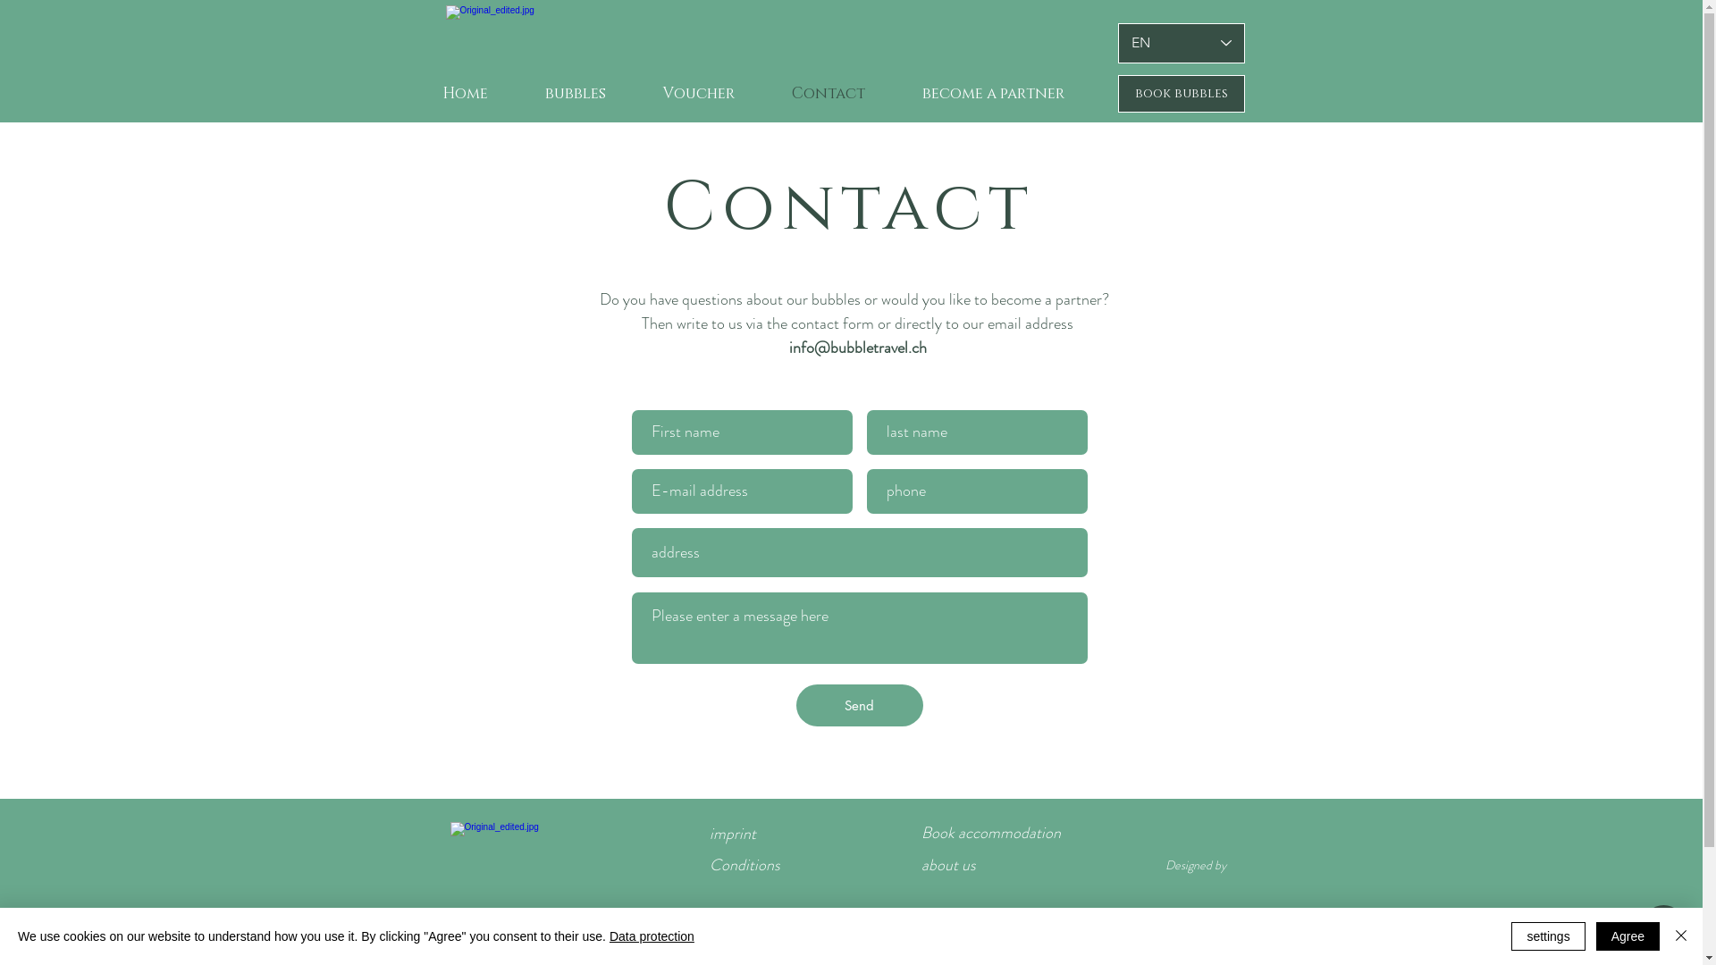  I want to click on 'about us', so click(946, 864).